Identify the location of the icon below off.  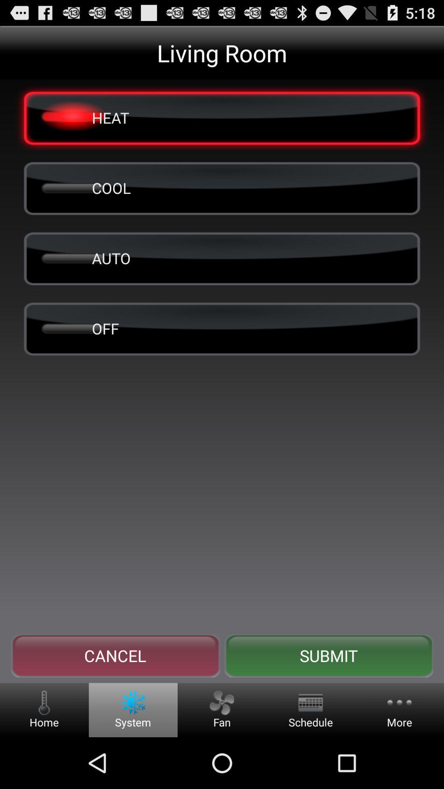
(115, 655).